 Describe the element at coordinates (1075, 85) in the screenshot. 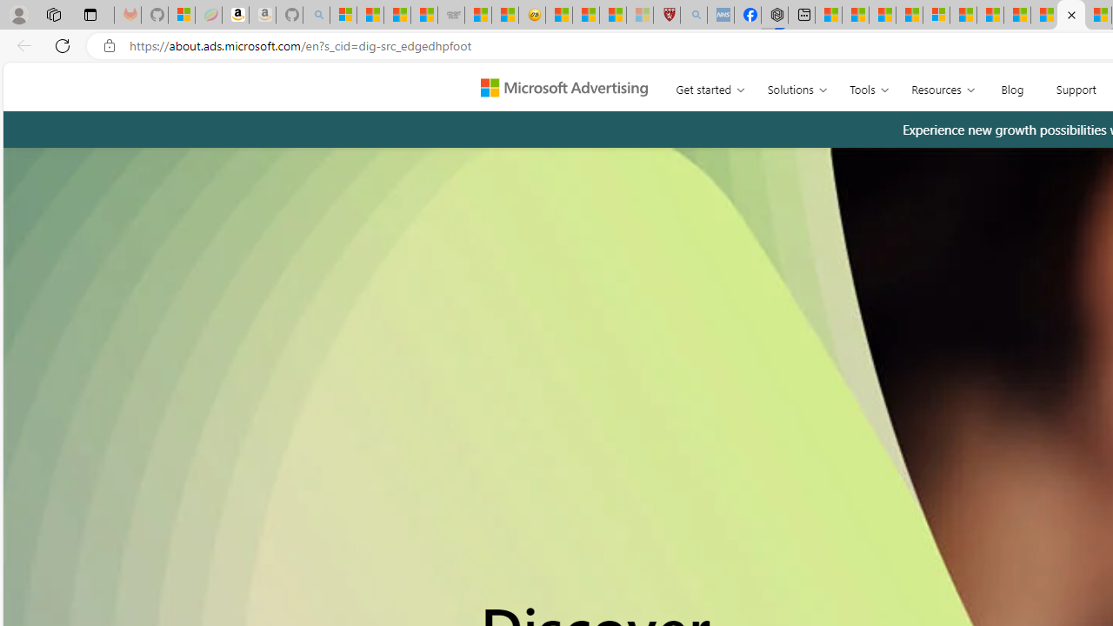

I see `'Support'` at that location.